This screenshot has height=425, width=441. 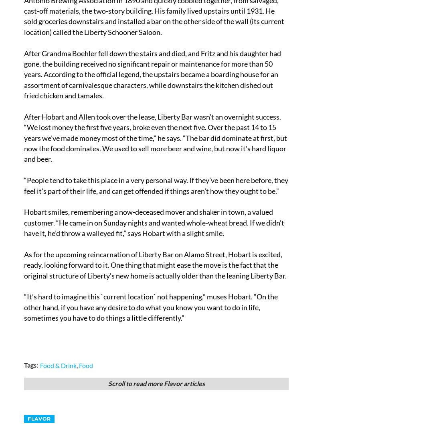 What do you see at coordinates (156, 185) in the screenshot?
I see `'“People tend to take this place in a very personal way. If they’ve been here before, they feel it’s part of their life, and can get offended if things aren’t how they ought to be.”'` at bounding box center [156, 185].